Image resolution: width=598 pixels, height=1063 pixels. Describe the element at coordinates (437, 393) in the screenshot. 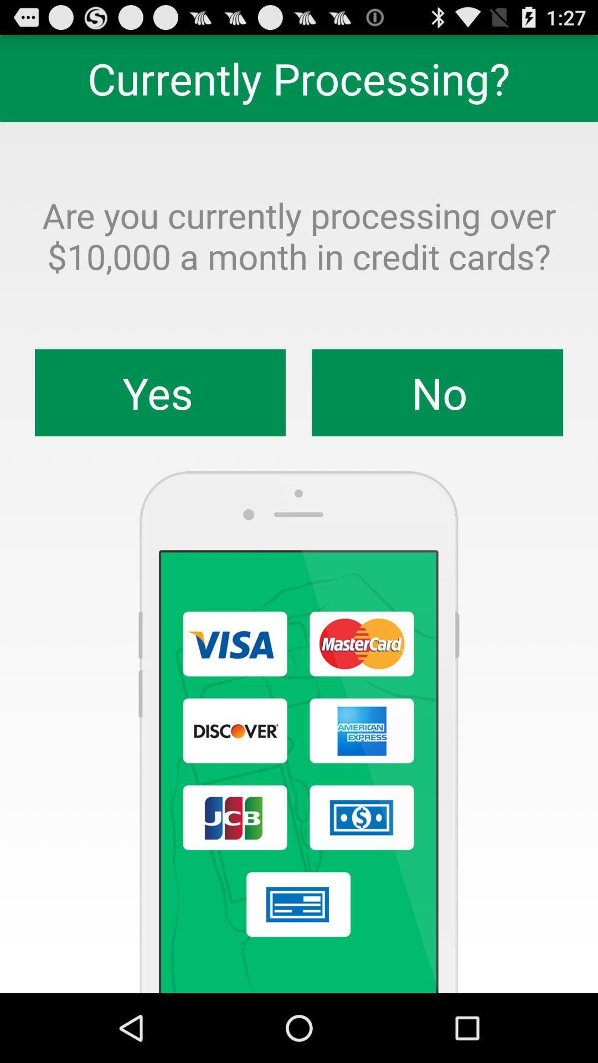

I see `no` at that location.